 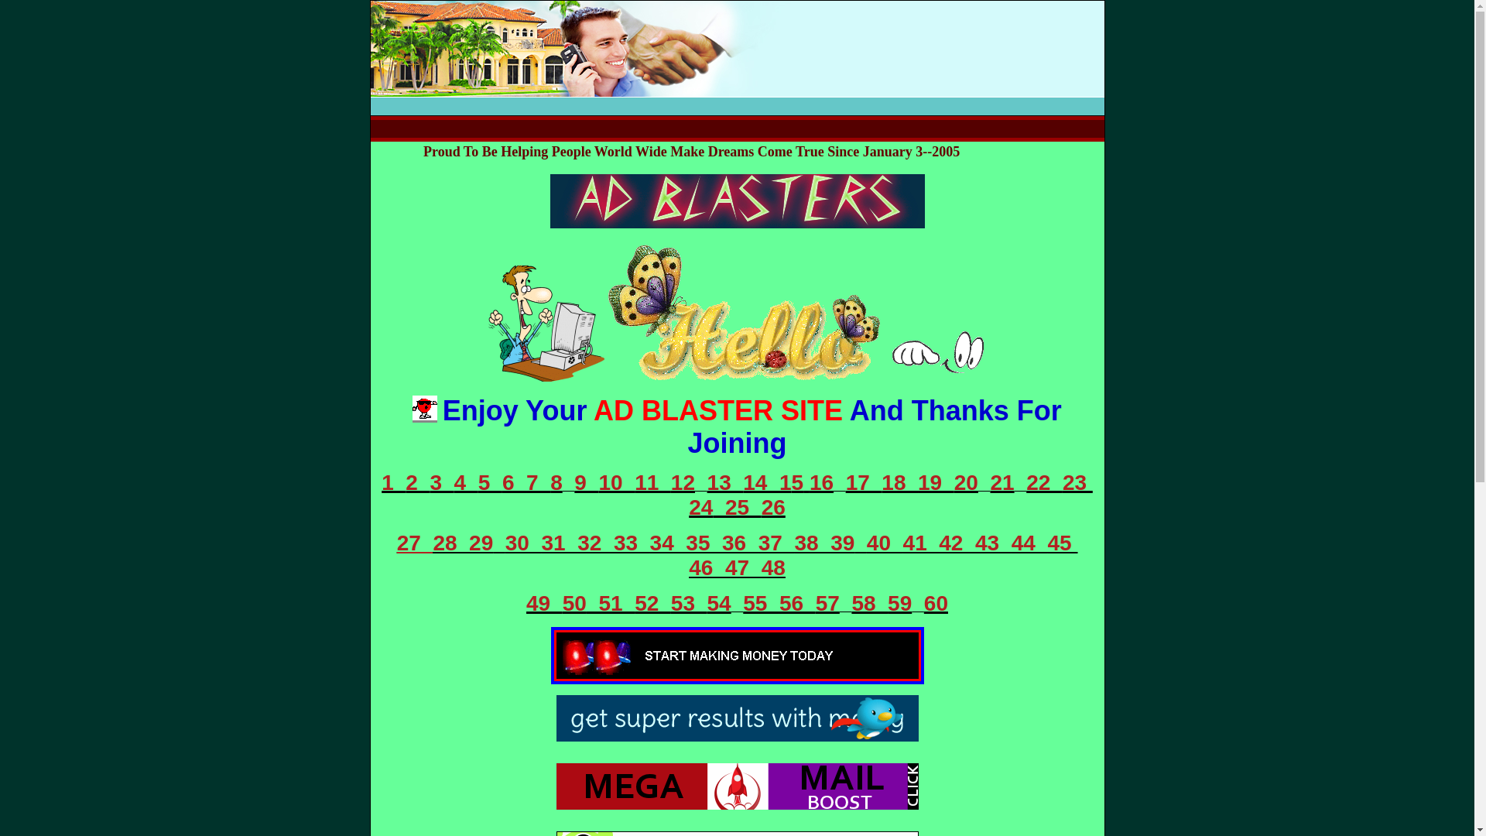 What do you see at coordinates (559, 542) in the screenshot?
I see `'31 '` at bounding box center [559, 542].